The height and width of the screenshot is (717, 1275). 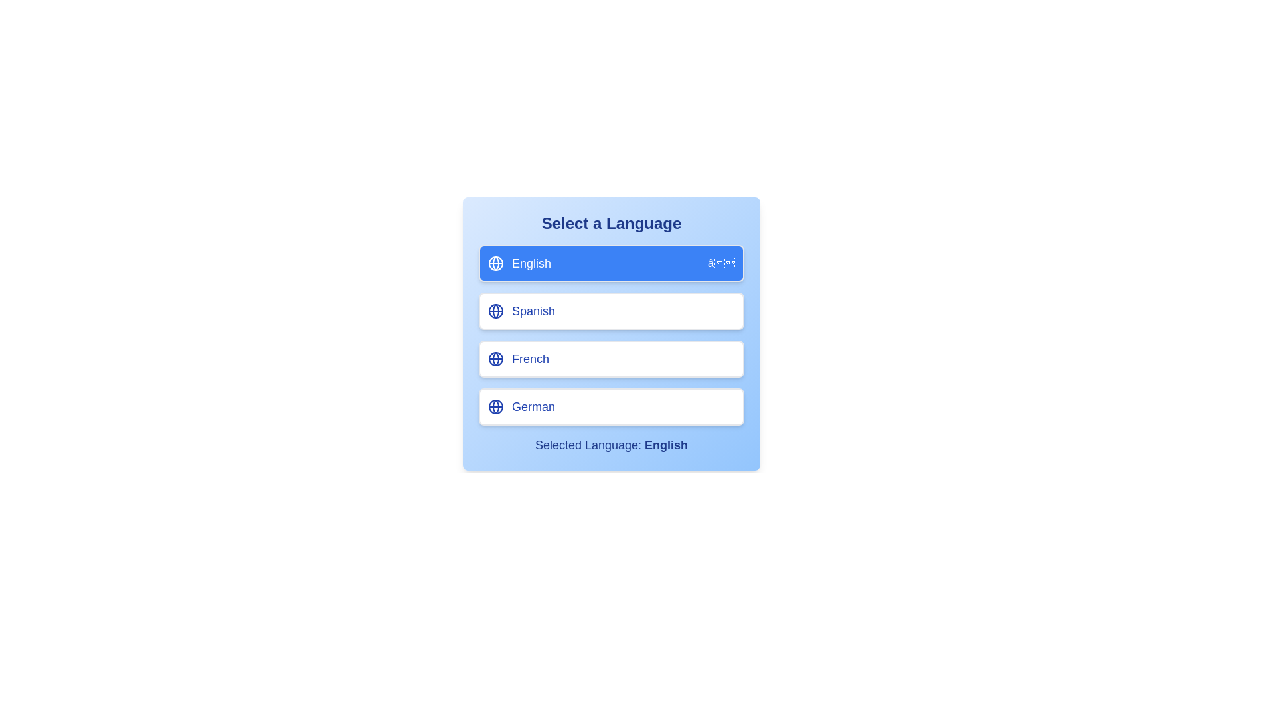 What do you see at coordinates (611, 327) in the screenshot?
I see `the 'Spanish' button located in the modal dialog titled 'Select a Language', which is the second item in a vertically stacked list, directly beneath the 'English' button` at bounding box center [611, 327].